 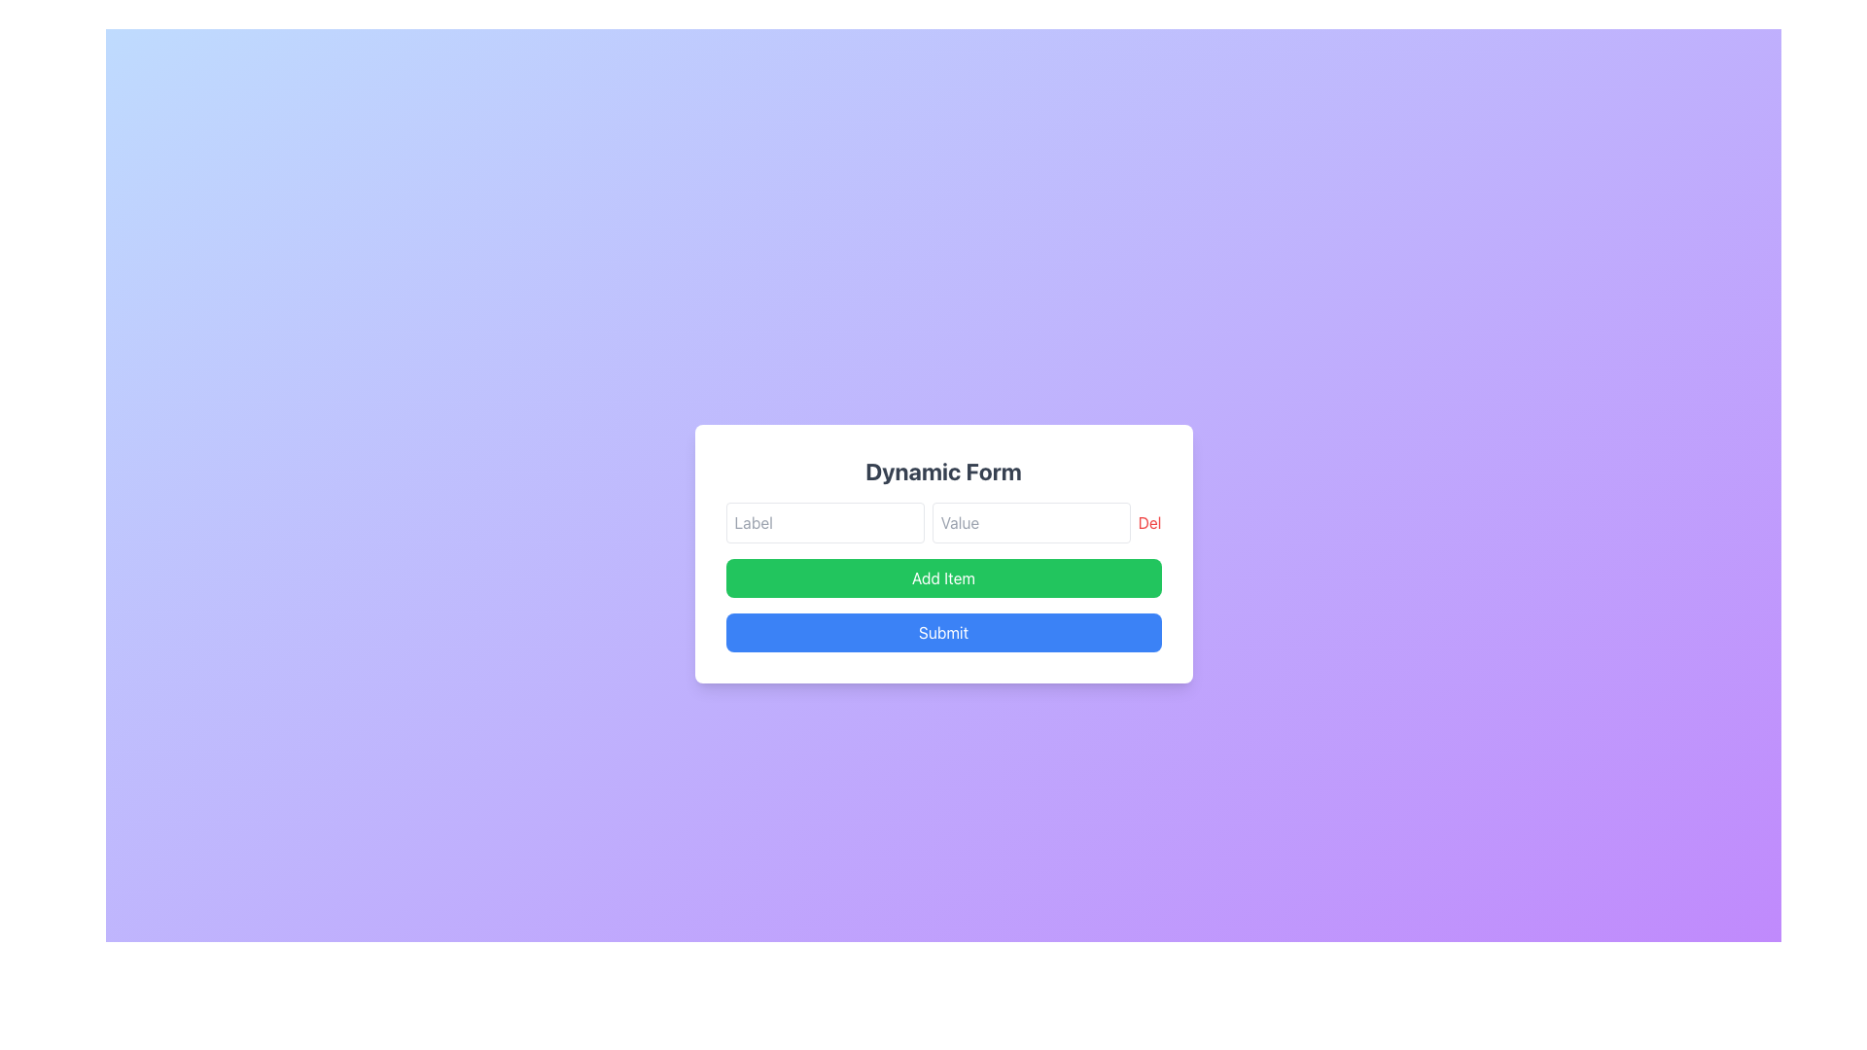 What do you see at coordinates (1149, 521) in the screenshot?
I see `the delete button, which is positioned to the far right of the input fields and aligns with the 'Value' input field` at bounding box center [1149, 521].